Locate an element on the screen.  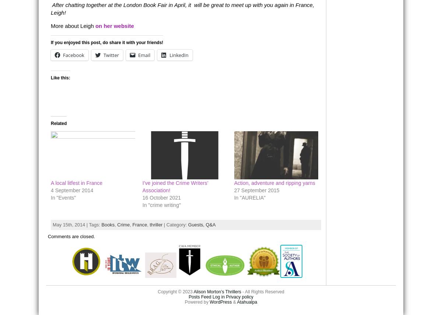
'Powered by' is located at coordinates (196, 301).